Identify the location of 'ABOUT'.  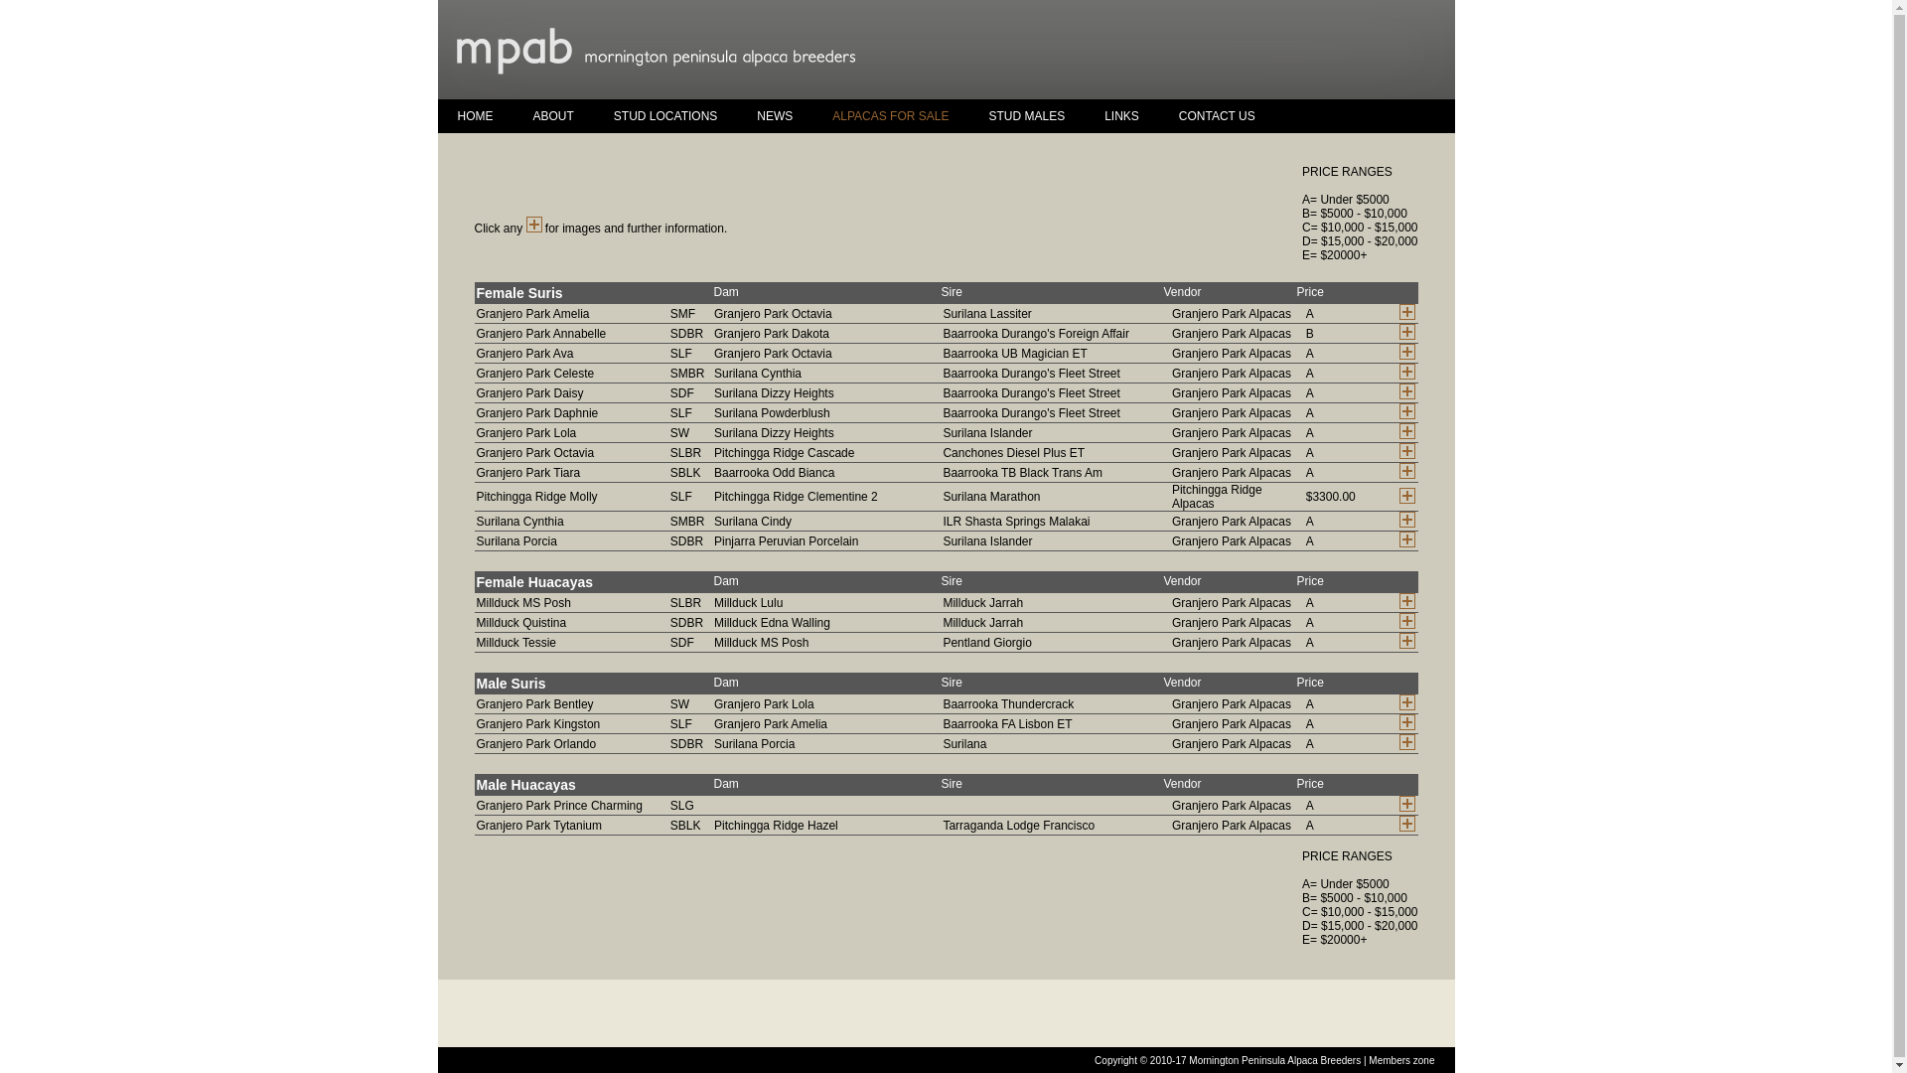
(552, 115).